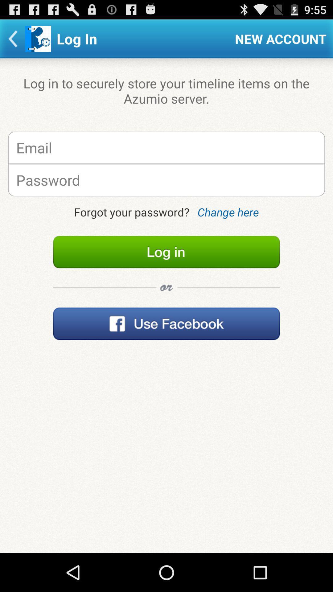 The image size is (333, 592). Describe the element at coordinates (166, 180) in the screenshot. I see `open a keyboard` at that location.